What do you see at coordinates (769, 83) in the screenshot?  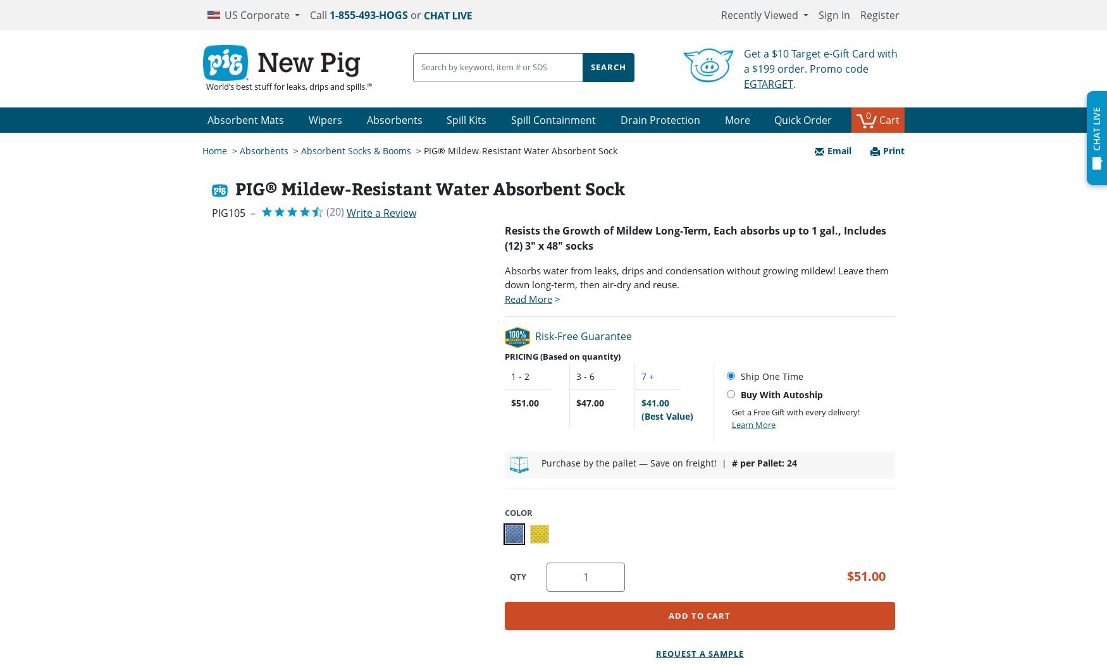 I see `'EGTARGET'` at bounding box center [769, 83].